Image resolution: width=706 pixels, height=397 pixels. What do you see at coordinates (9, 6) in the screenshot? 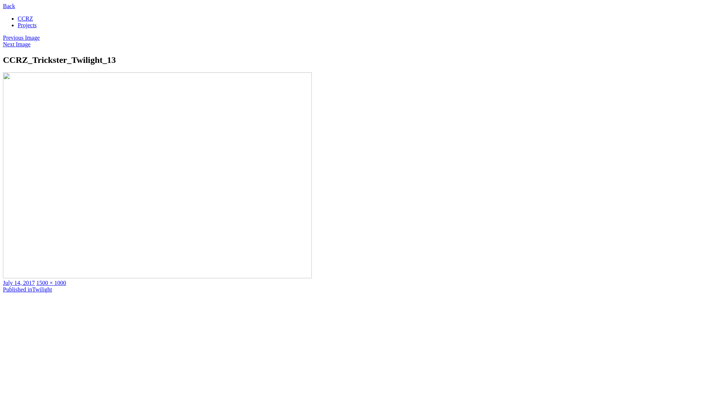
I see `'Back'` at bounding box center [9, 6].